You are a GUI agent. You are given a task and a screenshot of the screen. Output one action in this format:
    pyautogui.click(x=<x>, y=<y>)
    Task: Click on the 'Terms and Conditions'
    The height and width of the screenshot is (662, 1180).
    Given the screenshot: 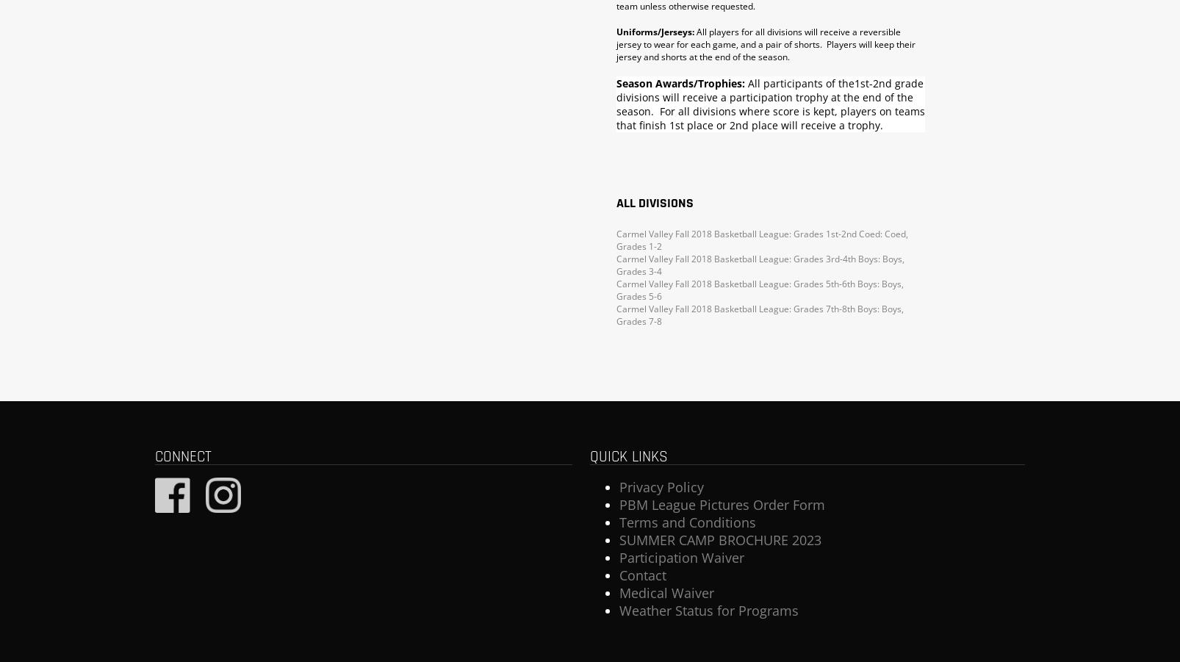 What is the action you would take?
    pyautogui.click(x=687, y=522)
    